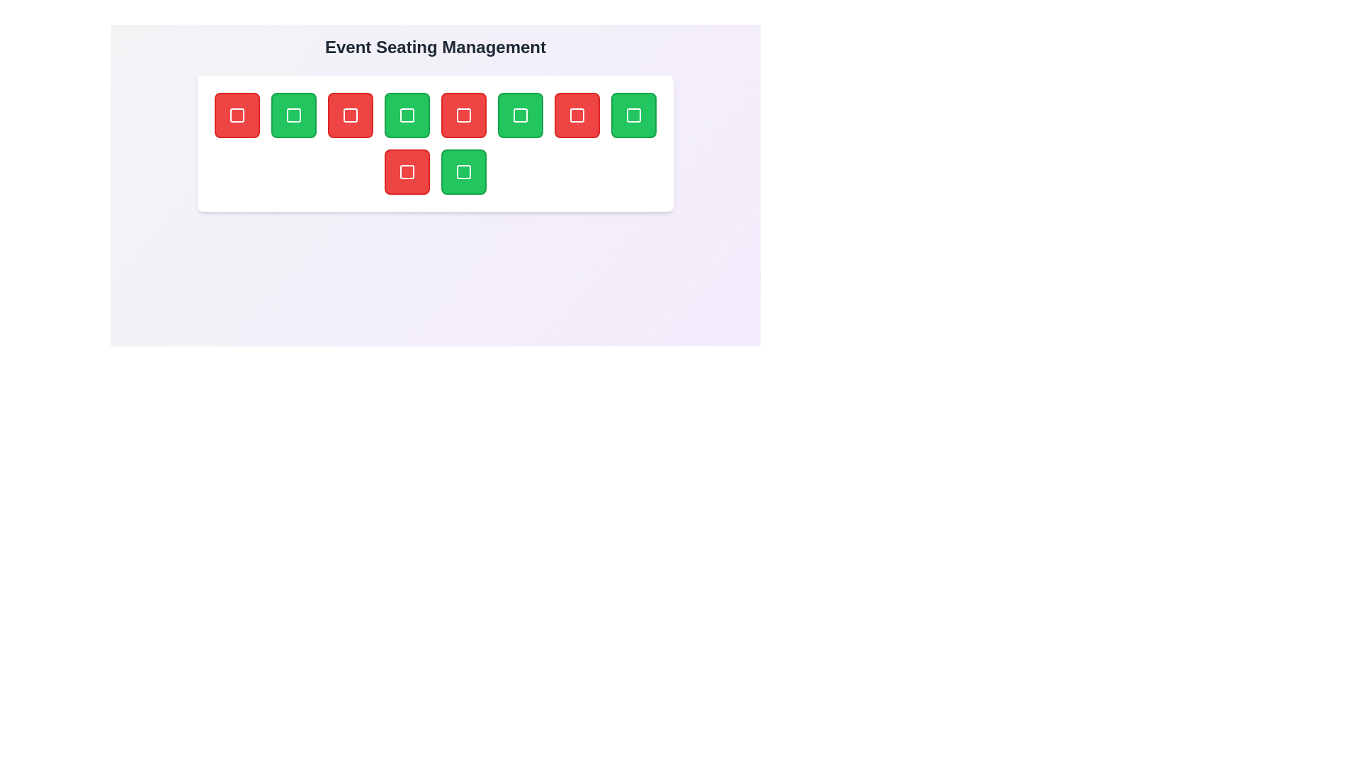 The image size is (1360, 765). What do you see at coordinates (577, 114) in the screenshot?
I see `the red square button with a white square icon, which is the seventh element in the first row of clickable squares` at bounding box center [577, 114].